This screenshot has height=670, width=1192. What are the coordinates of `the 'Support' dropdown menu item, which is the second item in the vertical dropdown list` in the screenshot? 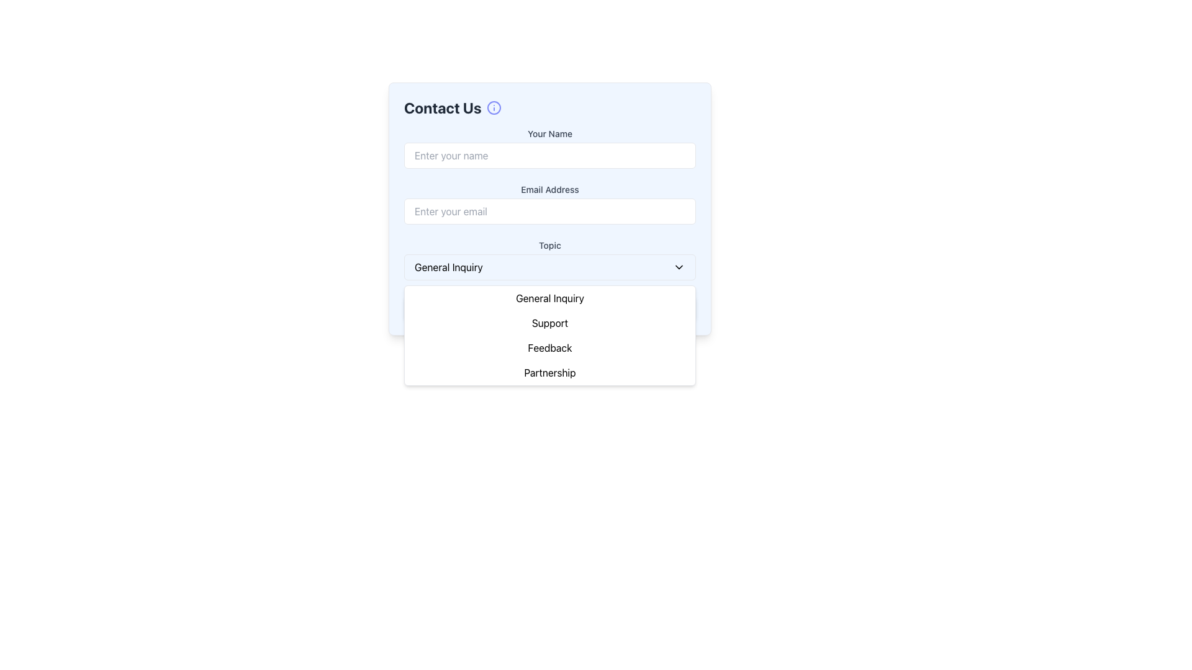 It's located at (549, 322).